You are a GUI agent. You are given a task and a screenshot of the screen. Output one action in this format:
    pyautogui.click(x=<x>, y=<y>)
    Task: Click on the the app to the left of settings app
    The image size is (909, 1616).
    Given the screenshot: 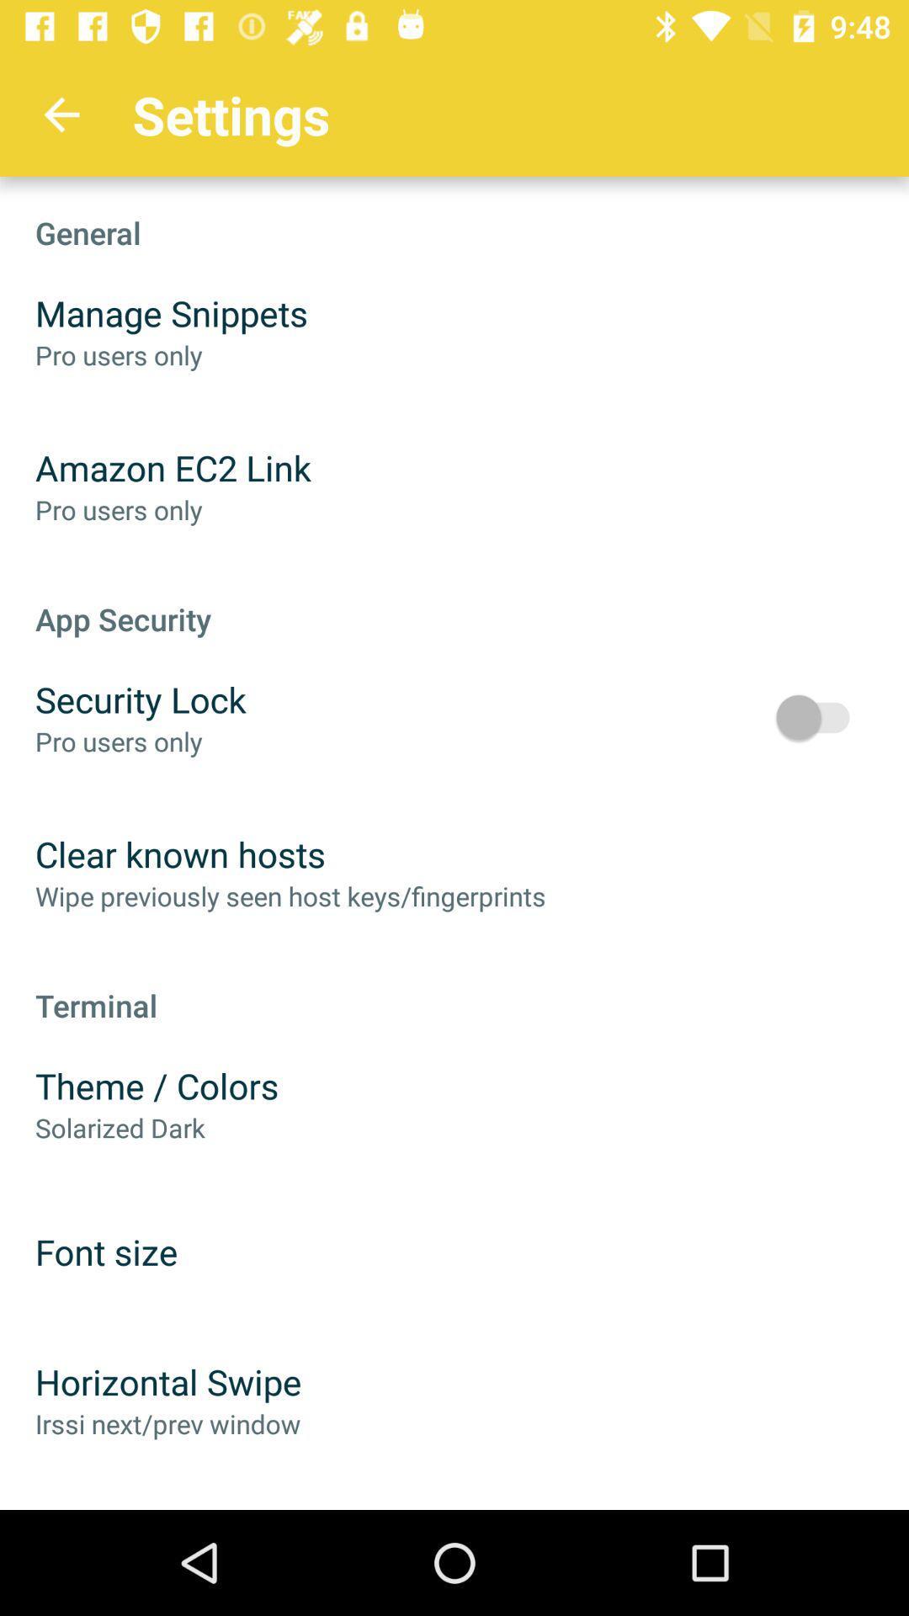 What is the action you would take?
    pyautogui.click(x=61, y=114)
    